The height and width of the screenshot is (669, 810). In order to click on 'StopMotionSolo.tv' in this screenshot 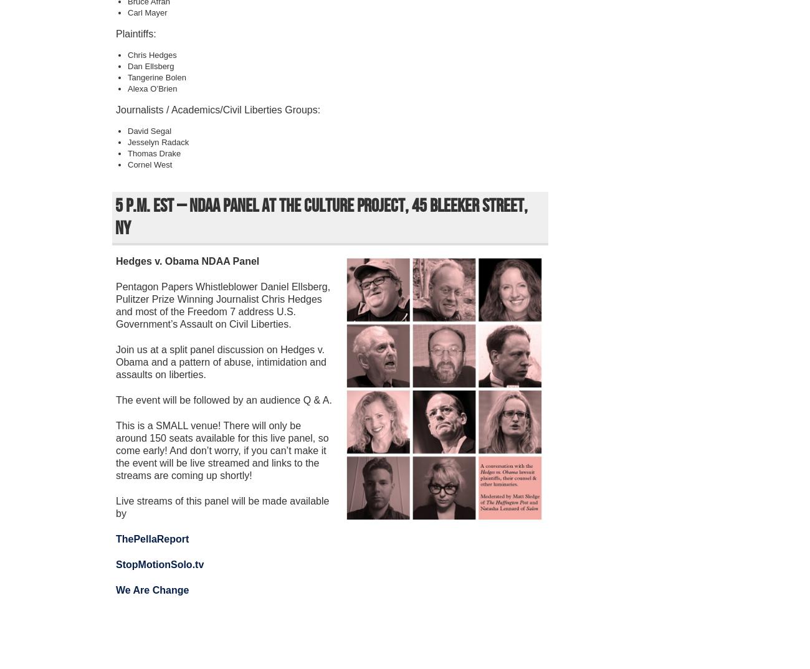, I will do `click(159, 564)`.